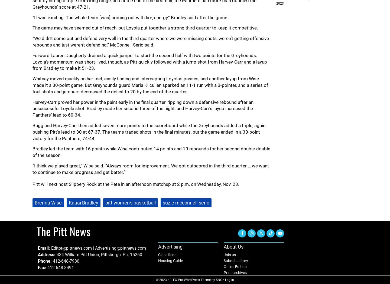 This screenshot has width=390, height=284. Describe the element at coordinates (151, 169) in the screenshot. I see `'“I think we played great,” Wise said. “Always room for improvement. We got outscored in the third quarter … we want to continue to make progress and get better.”'` at that location.